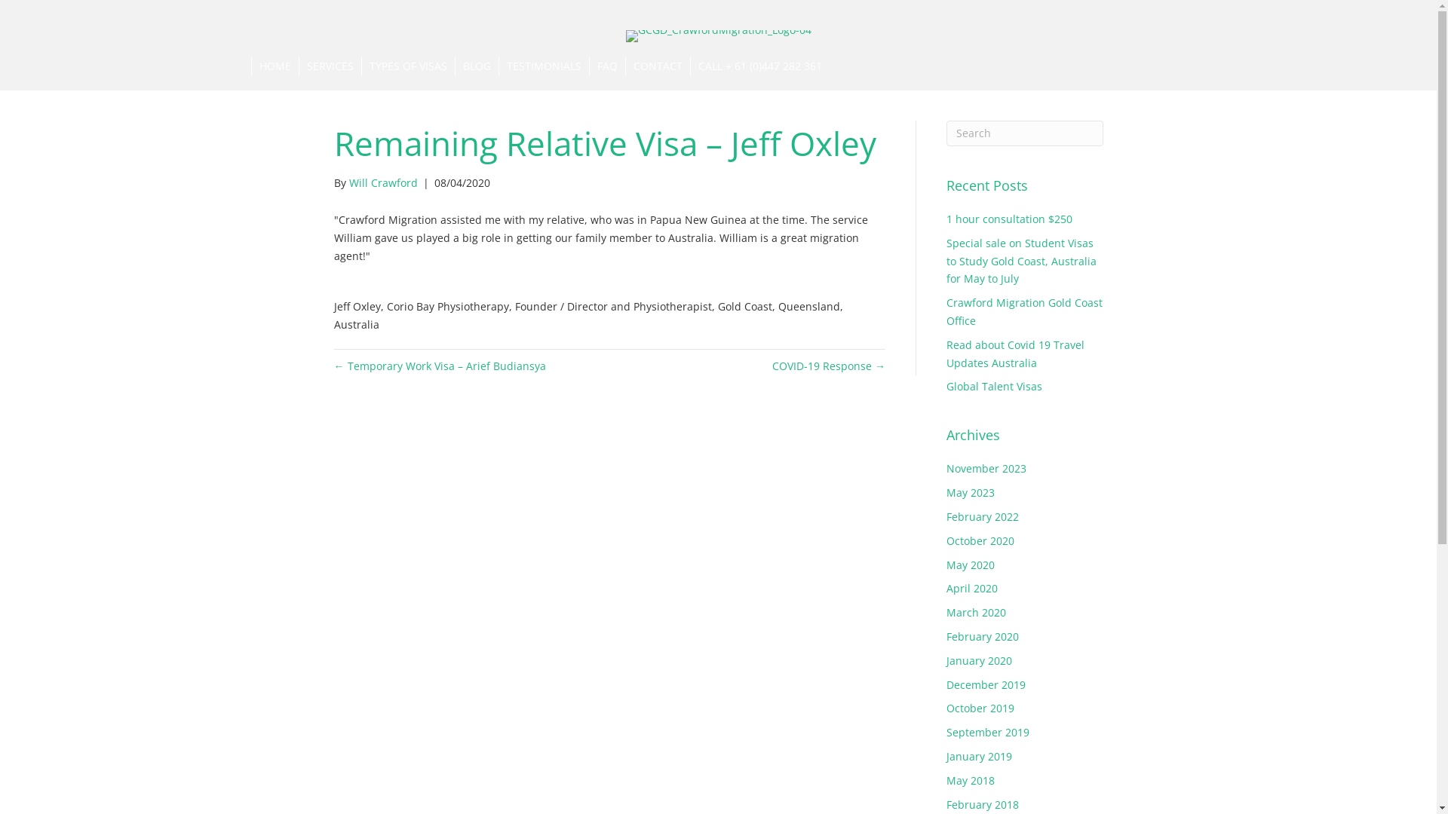 This screenshot has width=1448, height=814. I want to click on 'Type and press Enter to search.', so click(1024, 133).